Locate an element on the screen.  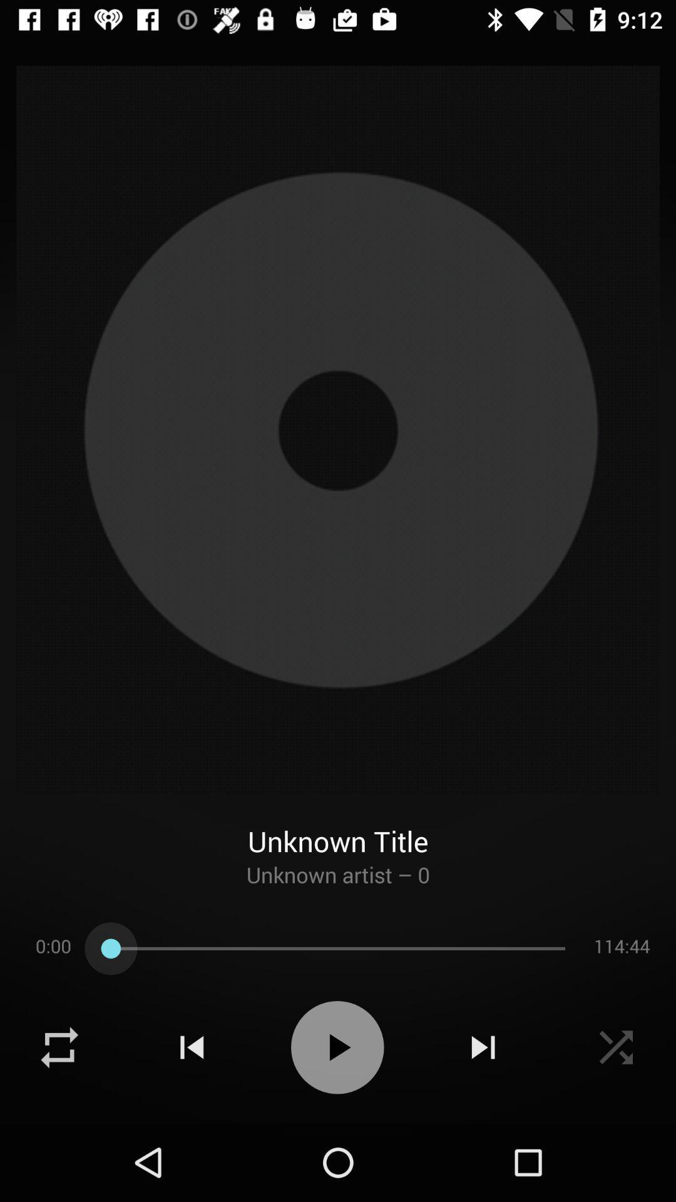
to shuffle option is located at coordinates (59, 1047).